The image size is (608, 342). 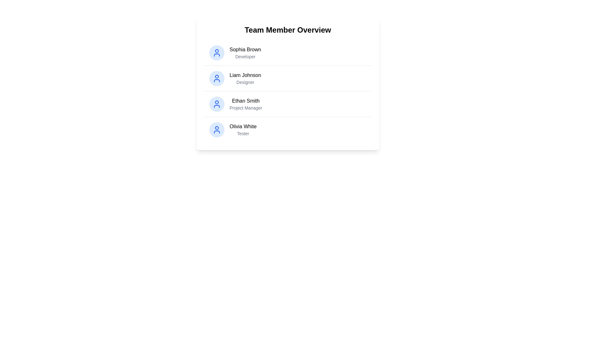 I want to click on the small red circular icon with a blue border in the 'Liam Johnson - Designer' profile card, located in the second list item of the 'Team Member Overview', so click(x=217, y=76).